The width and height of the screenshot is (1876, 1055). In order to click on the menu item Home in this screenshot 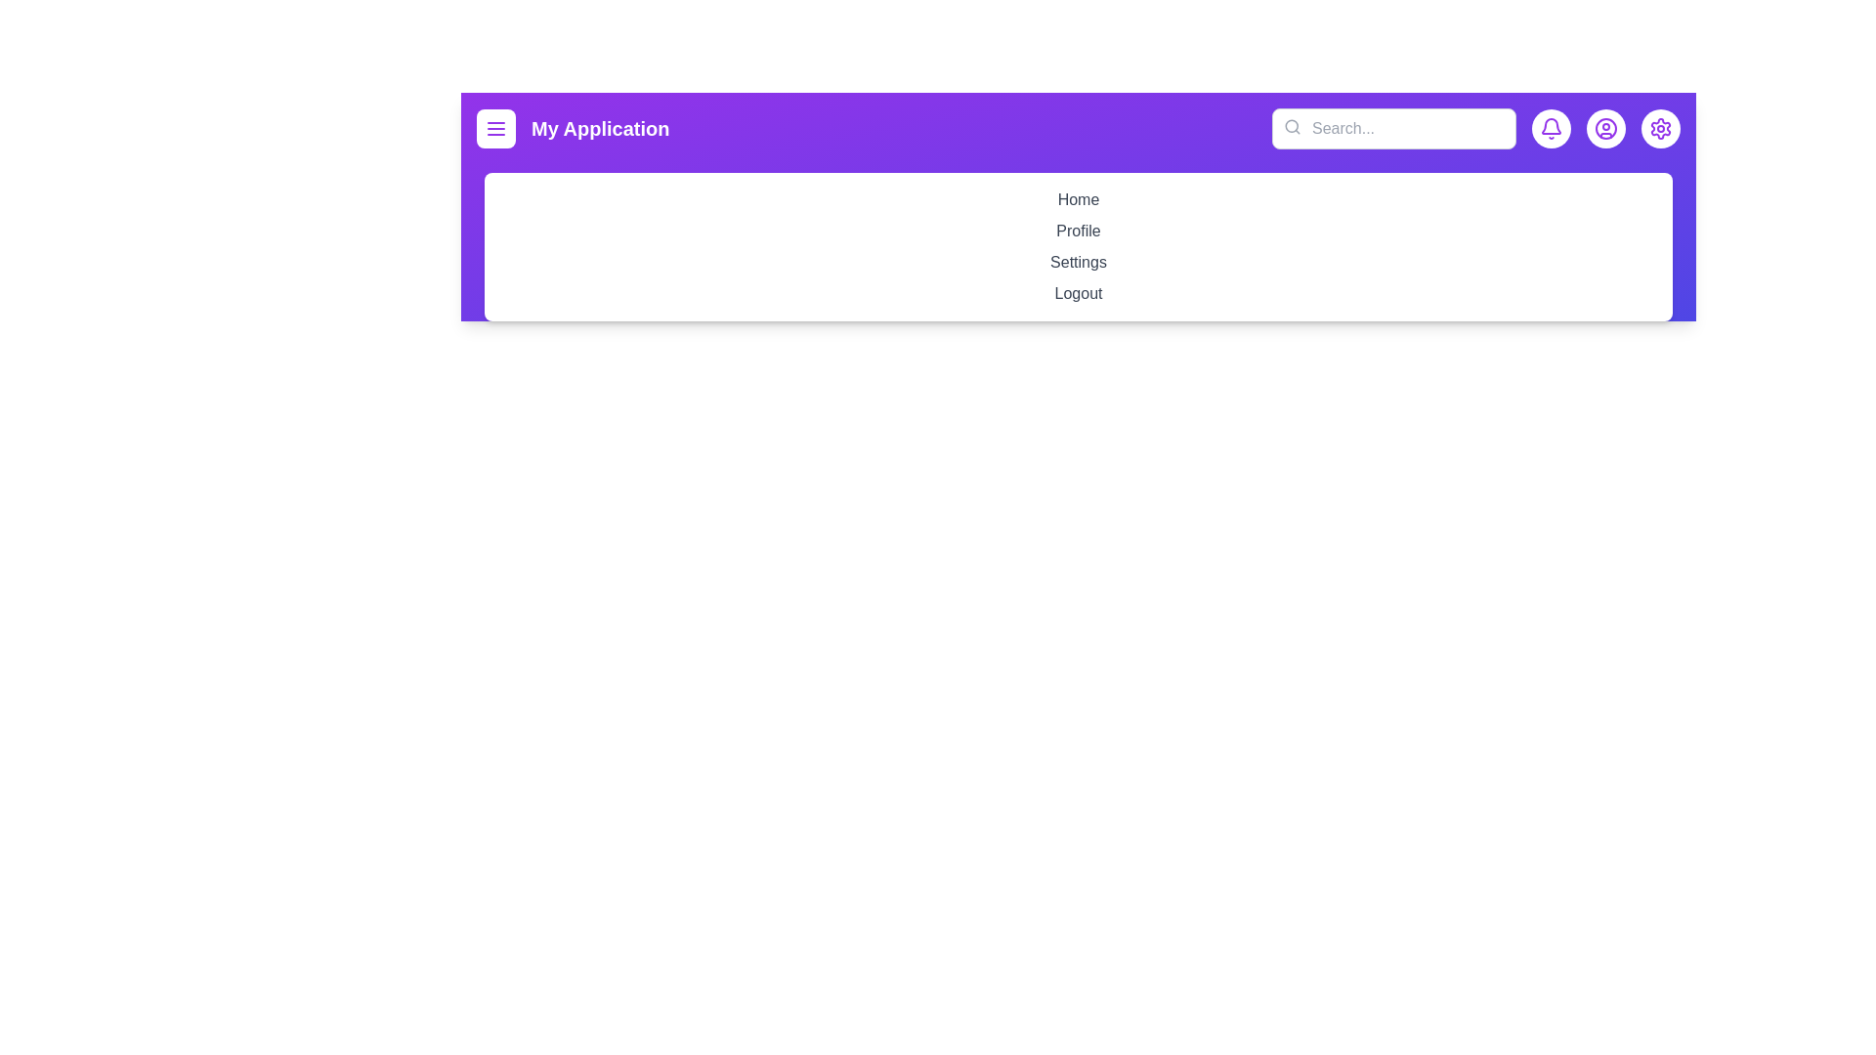, I will do `click(500, 199)`.